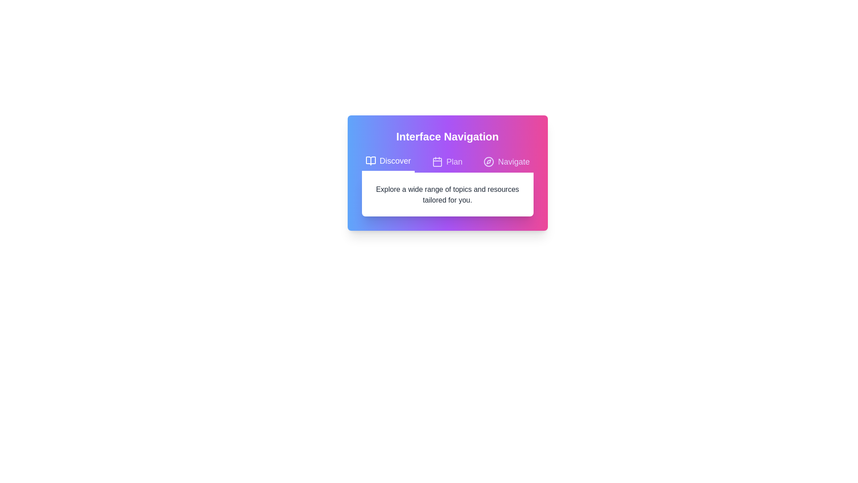 Image resolution: width=858 pixels, height=483 pixels. I want to click on the decorative component of the calendar icon located at the second button labeled 'Plan' in the interface navigation, so click(437, 162).